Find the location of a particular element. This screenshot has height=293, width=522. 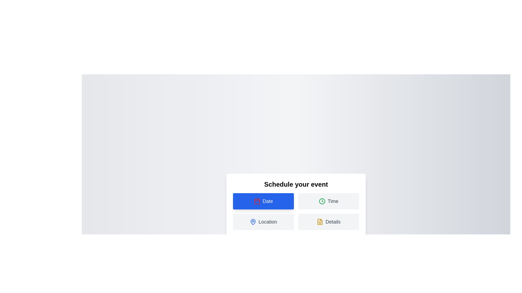

the 'Location' interactive button, which features a blue map pin icon and bold gray text on a light gray background, to trigger a visual or textual prompt is located at coordinates (263, 222).